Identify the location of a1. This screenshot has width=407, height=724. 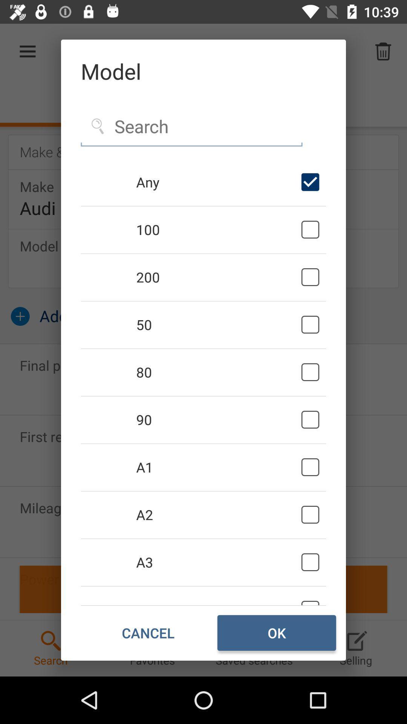
(217, 466).